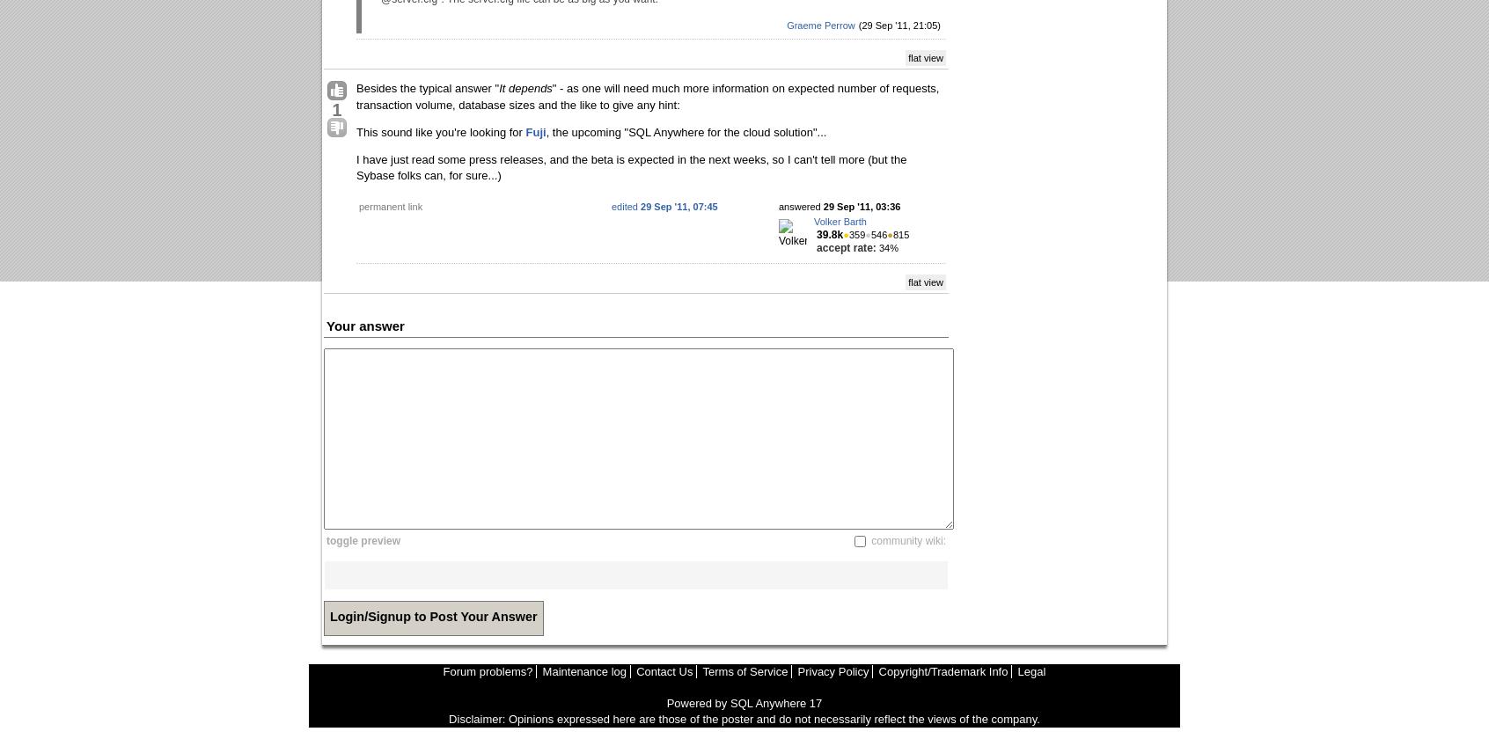 This screenshot has width=1489, height=739. What do you see at coordinates (744, 719) in the screenshot?
I see `'Disclaimer: Opinions expressed here are those of the poster and do not
necessarily reflect the views of the company.'` at bounding box center [744, 719].